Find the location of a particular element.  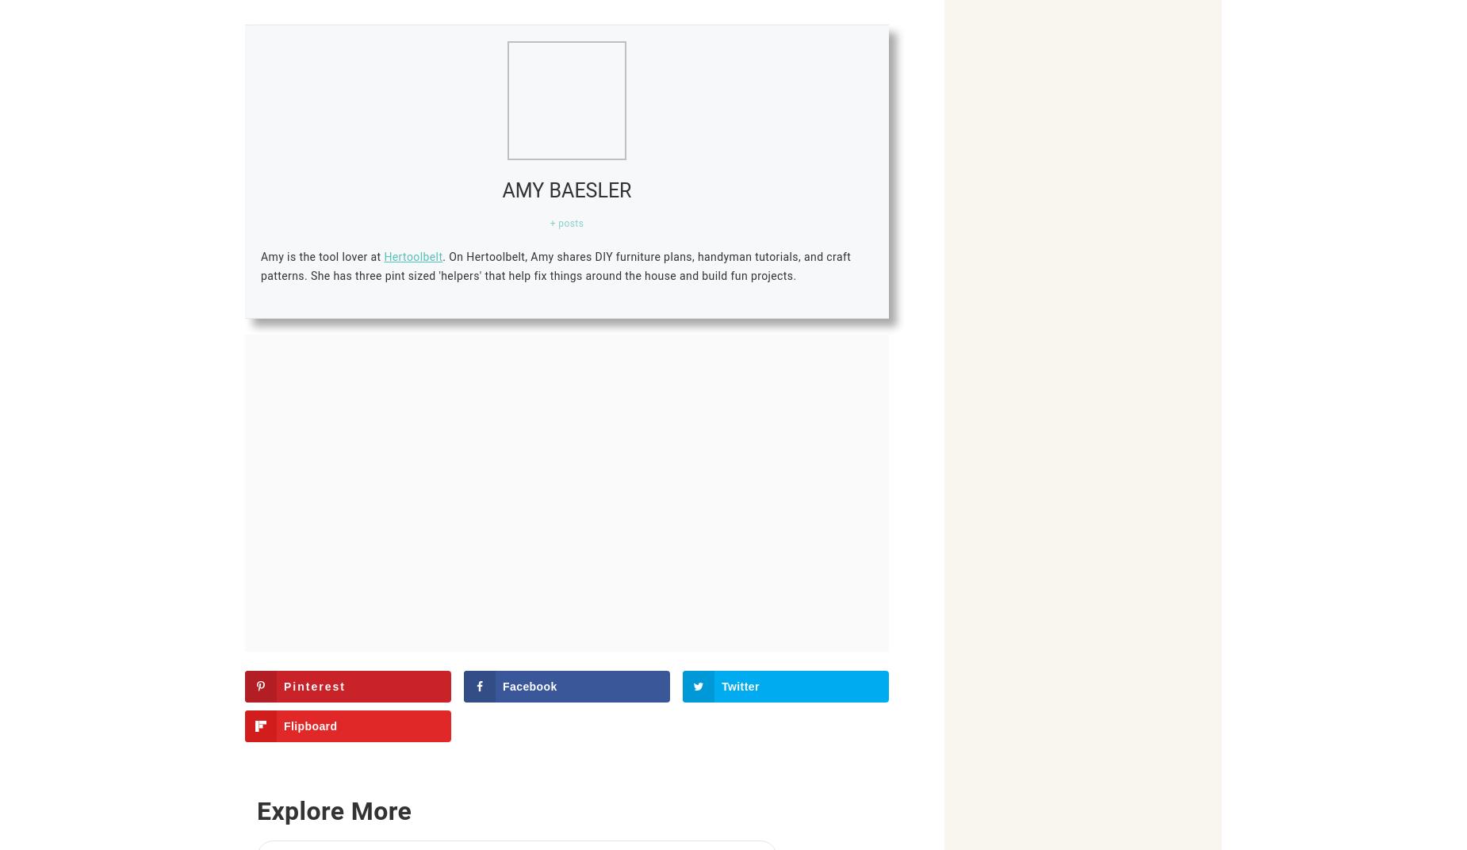

'+ posts' is located at coordinates (566, 221).